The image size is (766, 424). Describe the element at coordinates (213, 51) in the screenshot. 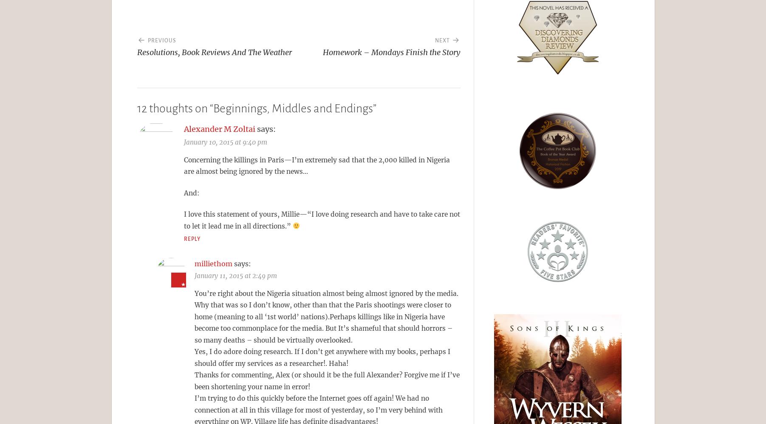

I see `'Resolutions, Book Reviews And The Weather'` at that location.